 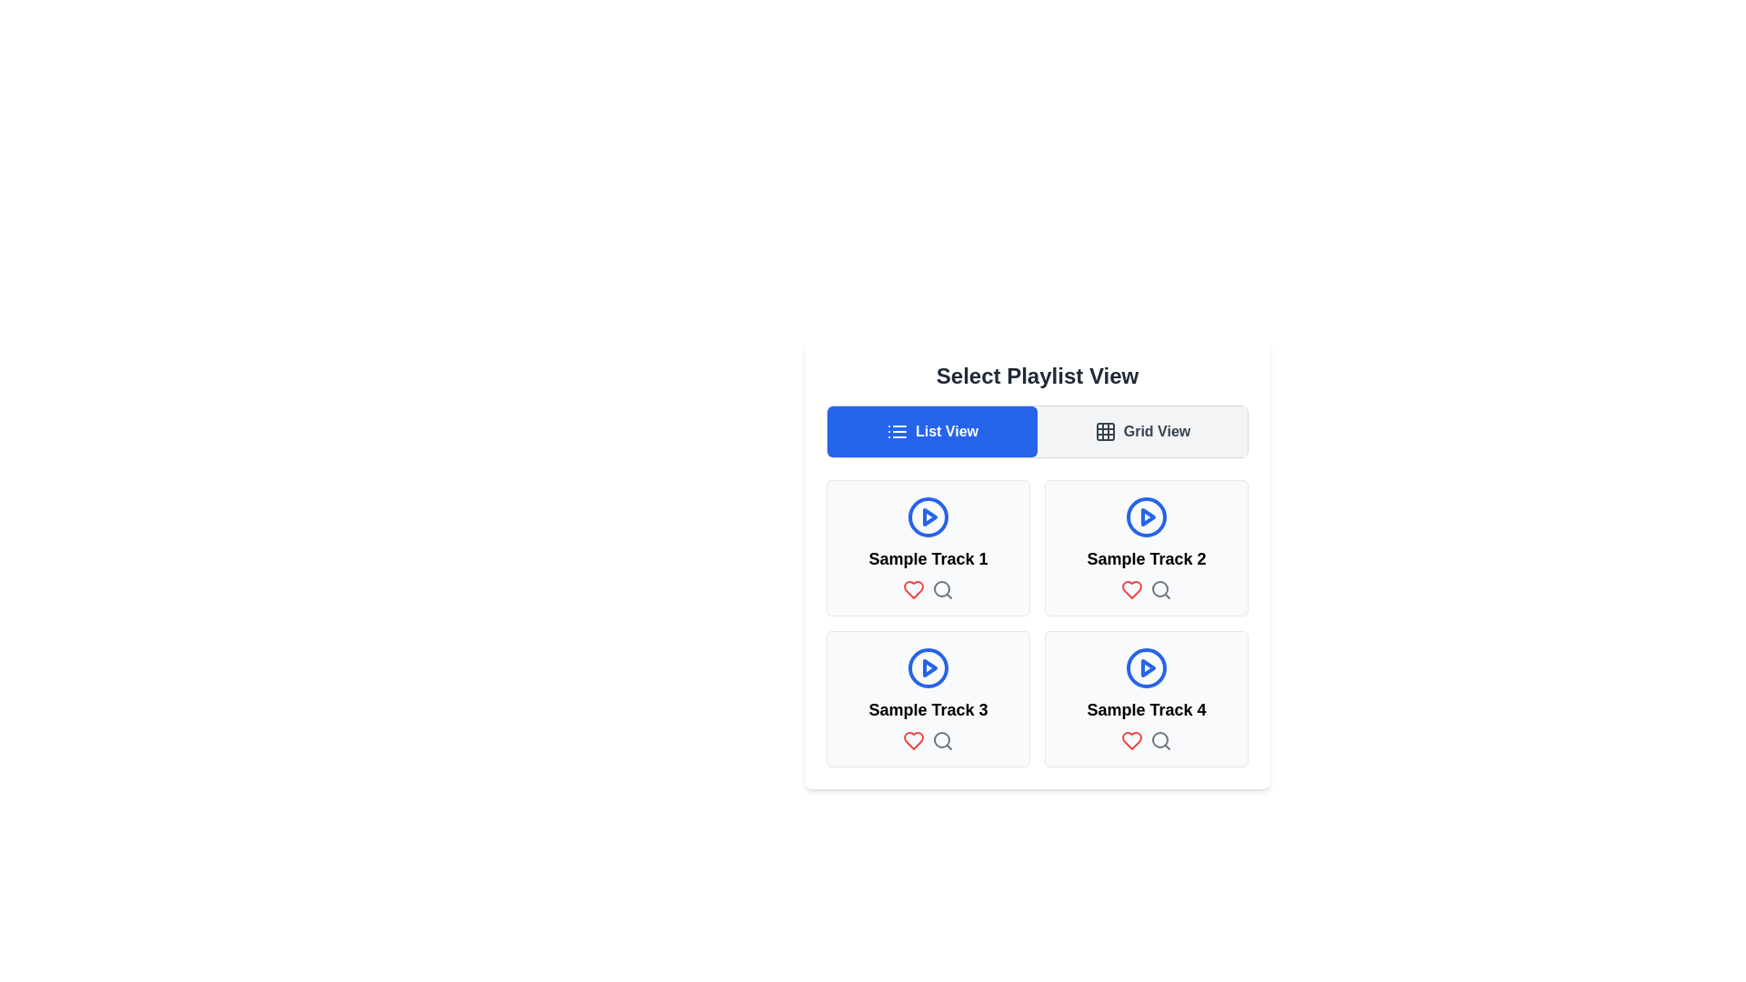 I want to click on the 'favorite' button, which is the leftmost icon in the group of icons underneath 'Sample Track 2', to trigger possible visual feedback, so click(x=1130, y=589).